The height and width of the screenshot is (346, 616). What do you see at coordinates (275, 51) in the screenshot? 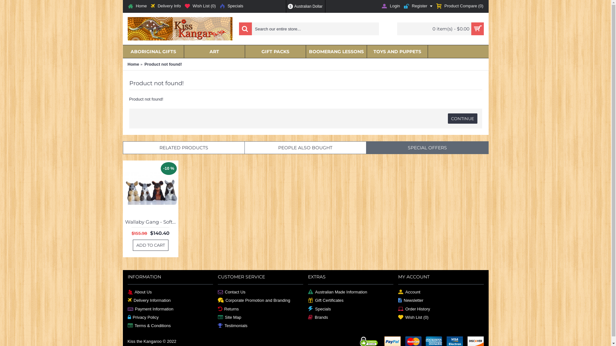
I see `'GIFT PACKS'` at bounding box center [275, 51].